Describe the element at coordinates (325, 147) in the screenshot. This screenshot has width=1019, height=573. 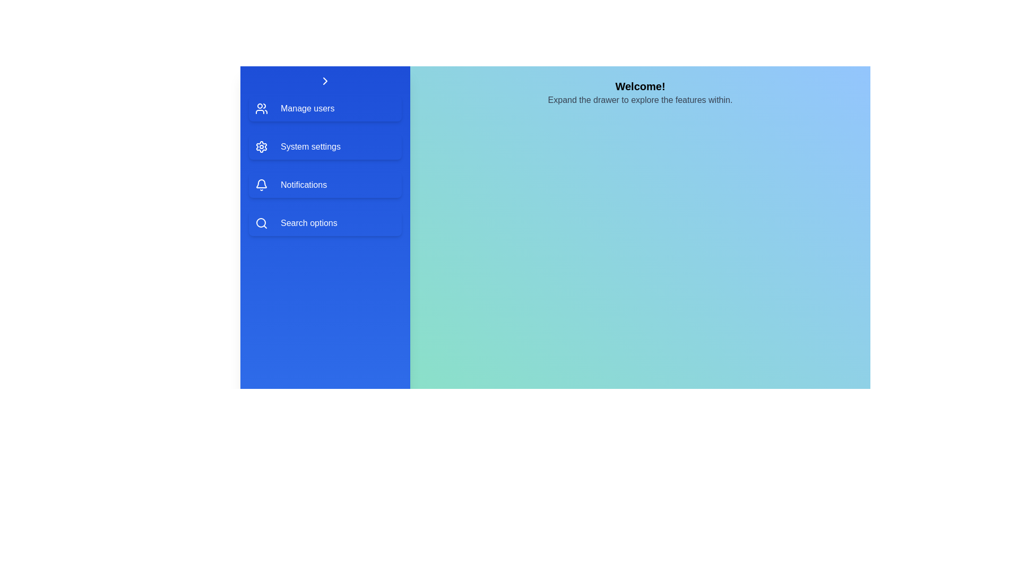
I see `the menu item System settings to preview its interaction` at that location.